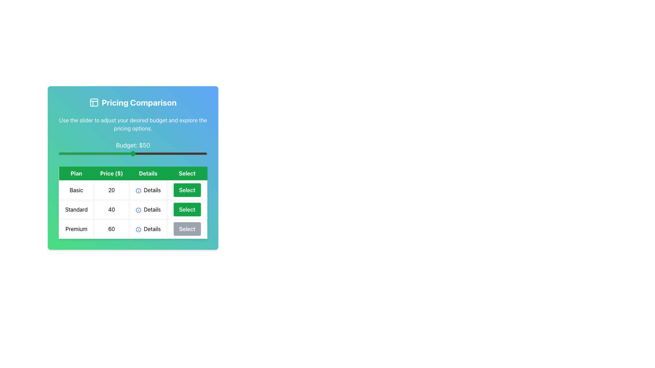 The width and height of the screenshot is (655, 368). Describe the element at coordinates (156, 154) in the screenshot. I see `the budget` at that location.